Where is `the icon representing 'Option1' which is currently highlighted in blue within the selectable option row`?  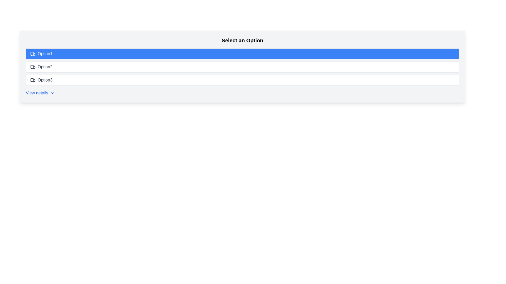
the icon representing 'Option1' which is currently highlighted in blue within the selectable option row is located at coordinates (32, 54).